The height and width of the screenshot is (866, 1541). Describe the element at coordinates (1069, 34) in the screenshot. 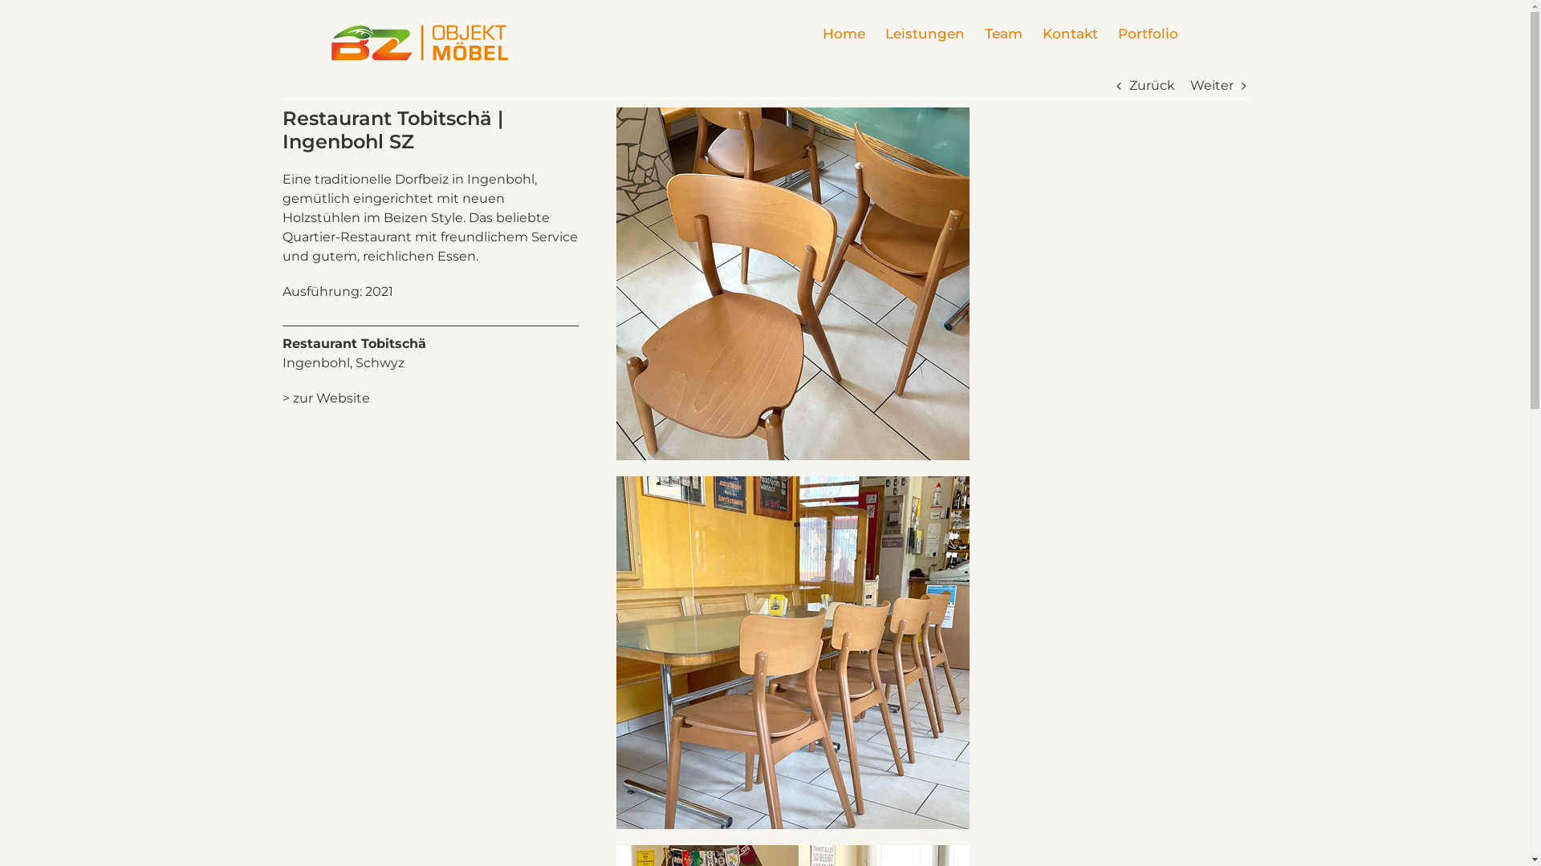

I see `'Kontakt'` at that location.